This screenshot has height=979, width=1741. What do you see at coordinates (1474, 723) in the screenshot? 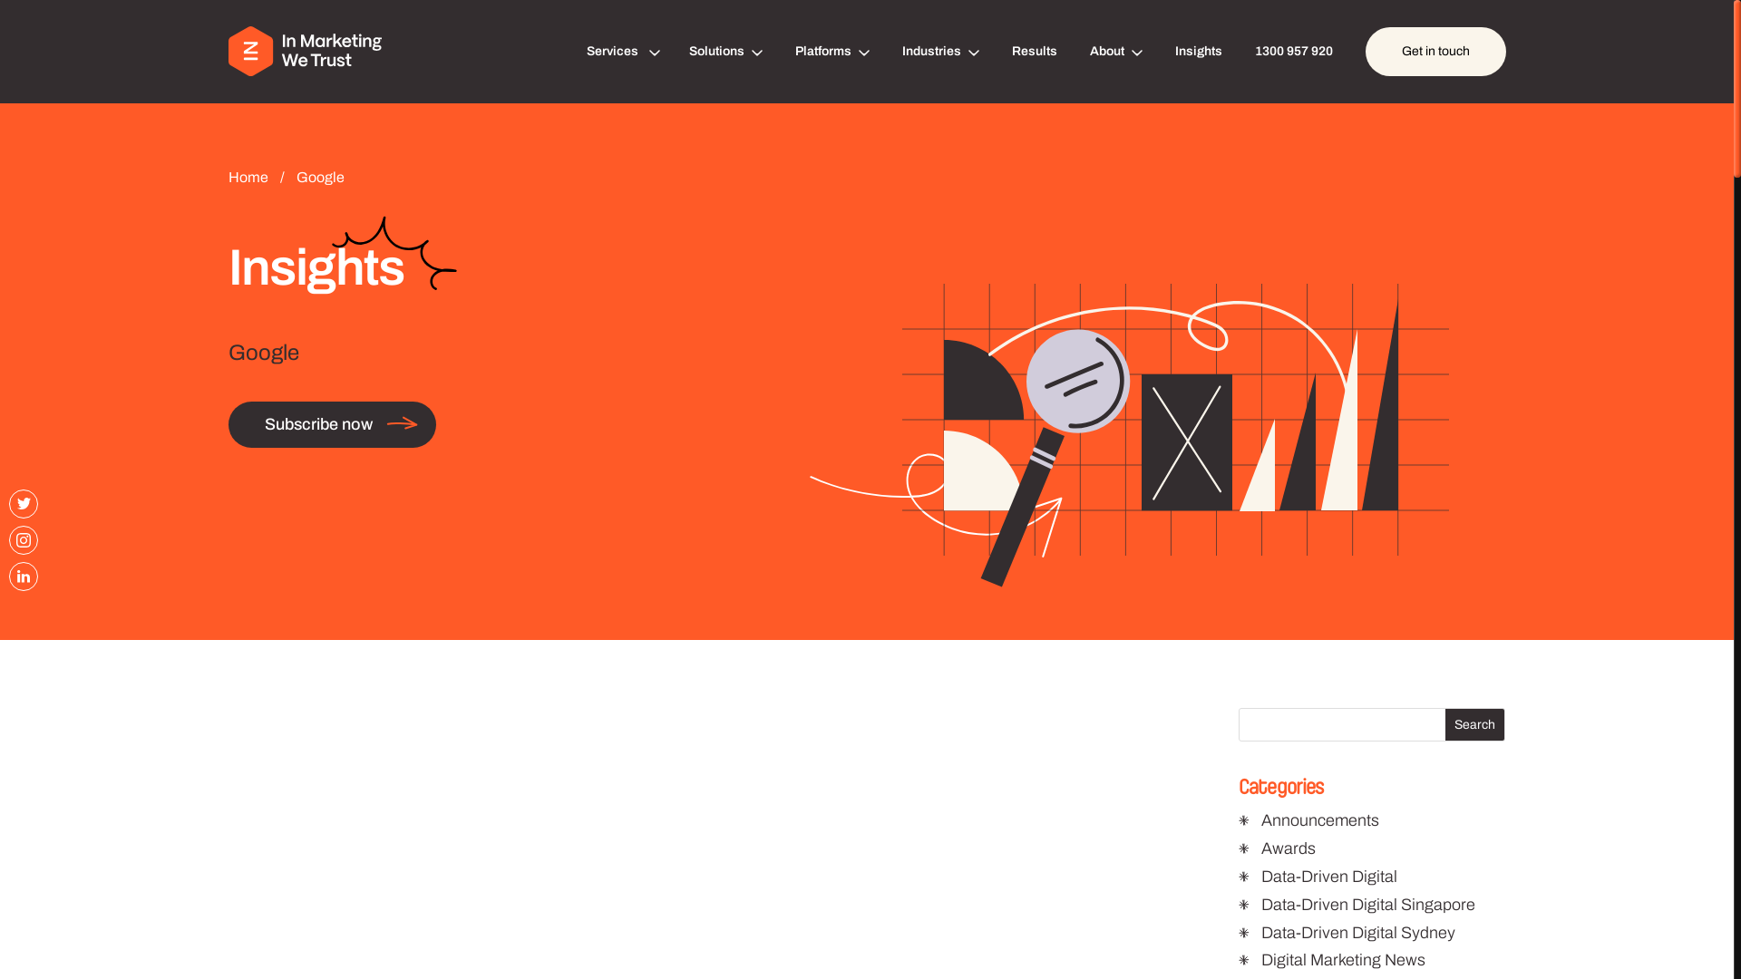
I see `'Search'` at bounding box center [1474, 723].